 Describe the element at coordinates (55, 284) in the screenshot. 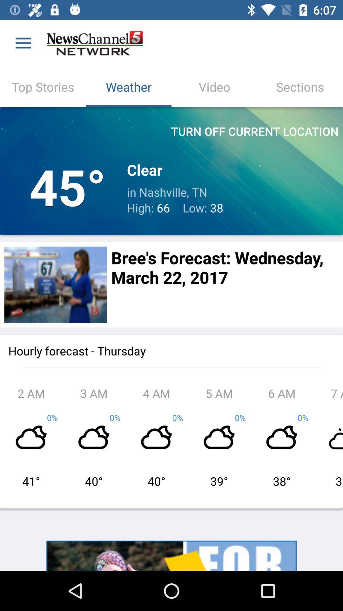

I see `image screen` at that location.